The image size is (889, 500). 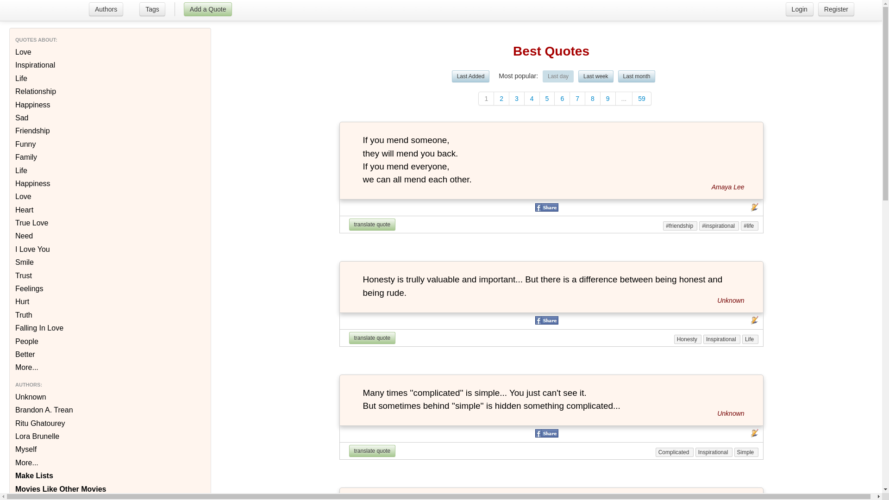 What do you see at coordinates (8, 91) in the screenshot?
I see `'Relationship'` at bounding box center [8, 91].